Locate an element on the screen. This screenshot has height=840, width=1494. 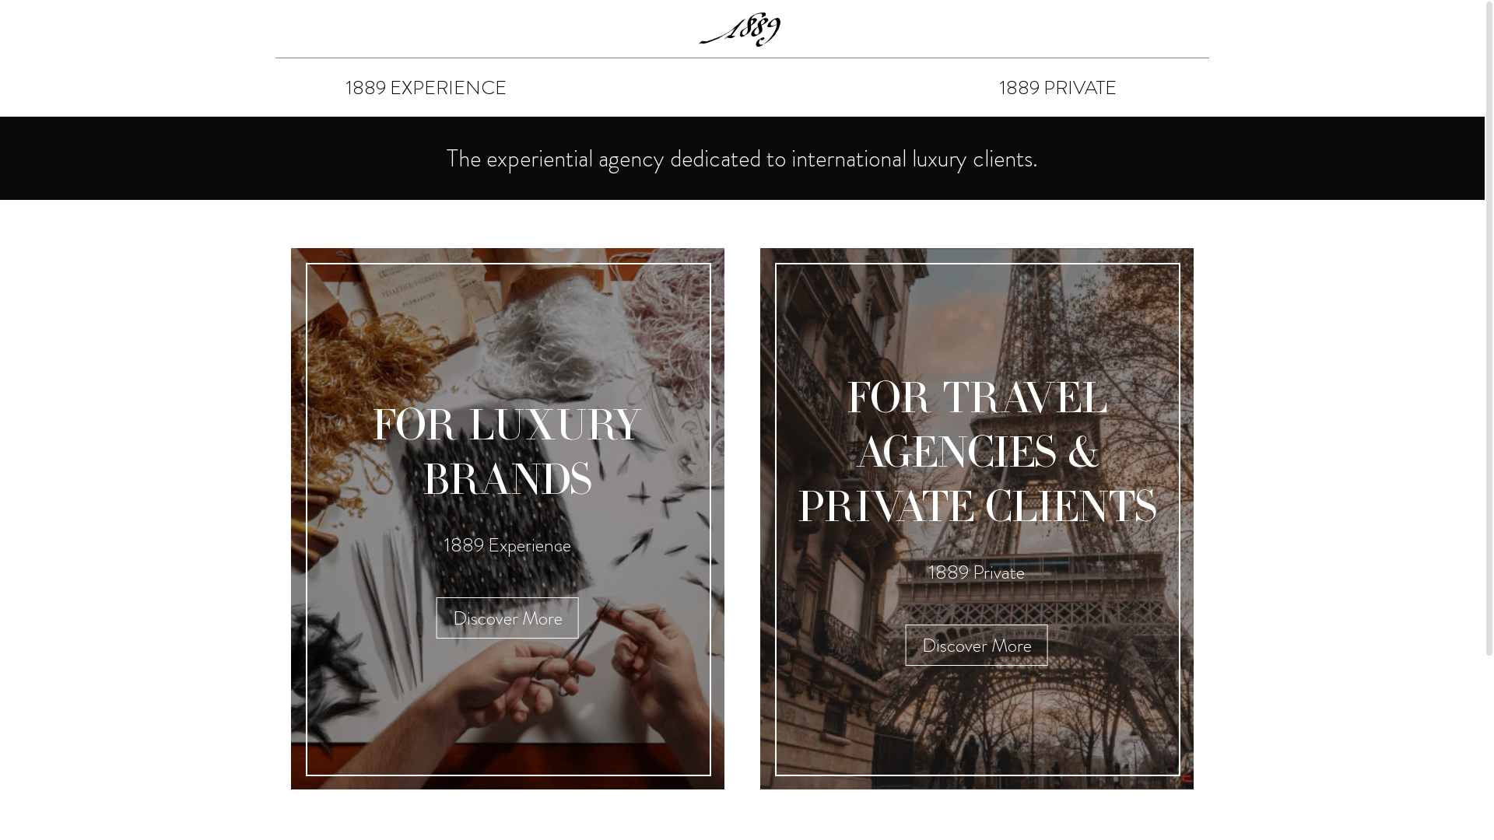
'Discover More' is located at coordinates (436, 617).